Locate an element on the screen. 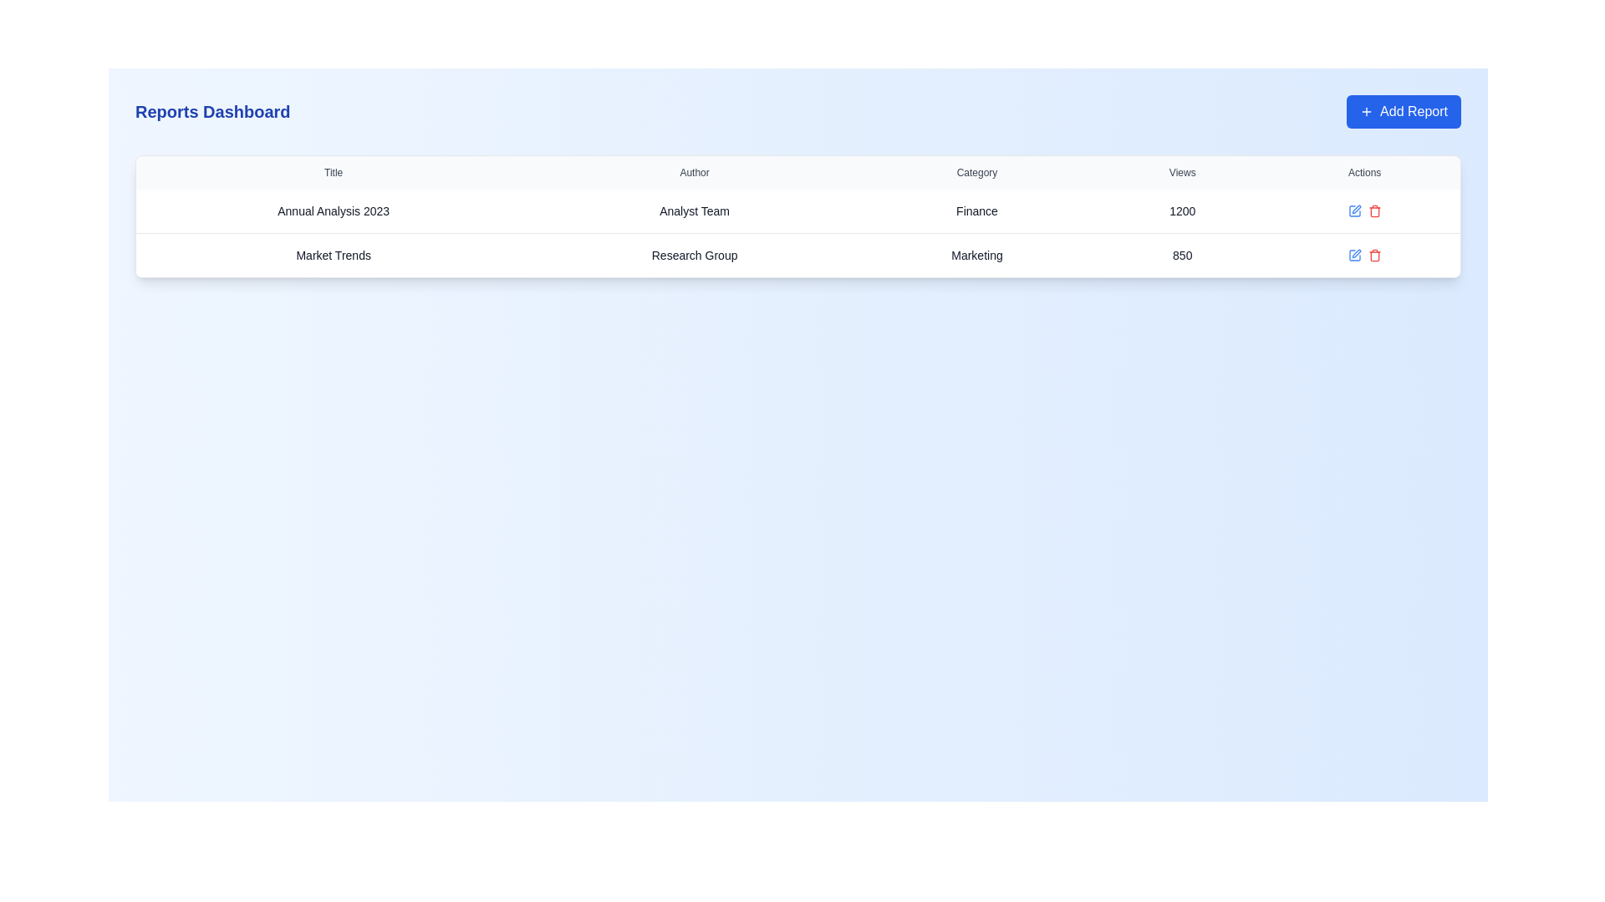  the 'Category' text label in the header row of the table, which is styled in smaller grey font and located at the third position in the header row is located at coordinates (976, 173).